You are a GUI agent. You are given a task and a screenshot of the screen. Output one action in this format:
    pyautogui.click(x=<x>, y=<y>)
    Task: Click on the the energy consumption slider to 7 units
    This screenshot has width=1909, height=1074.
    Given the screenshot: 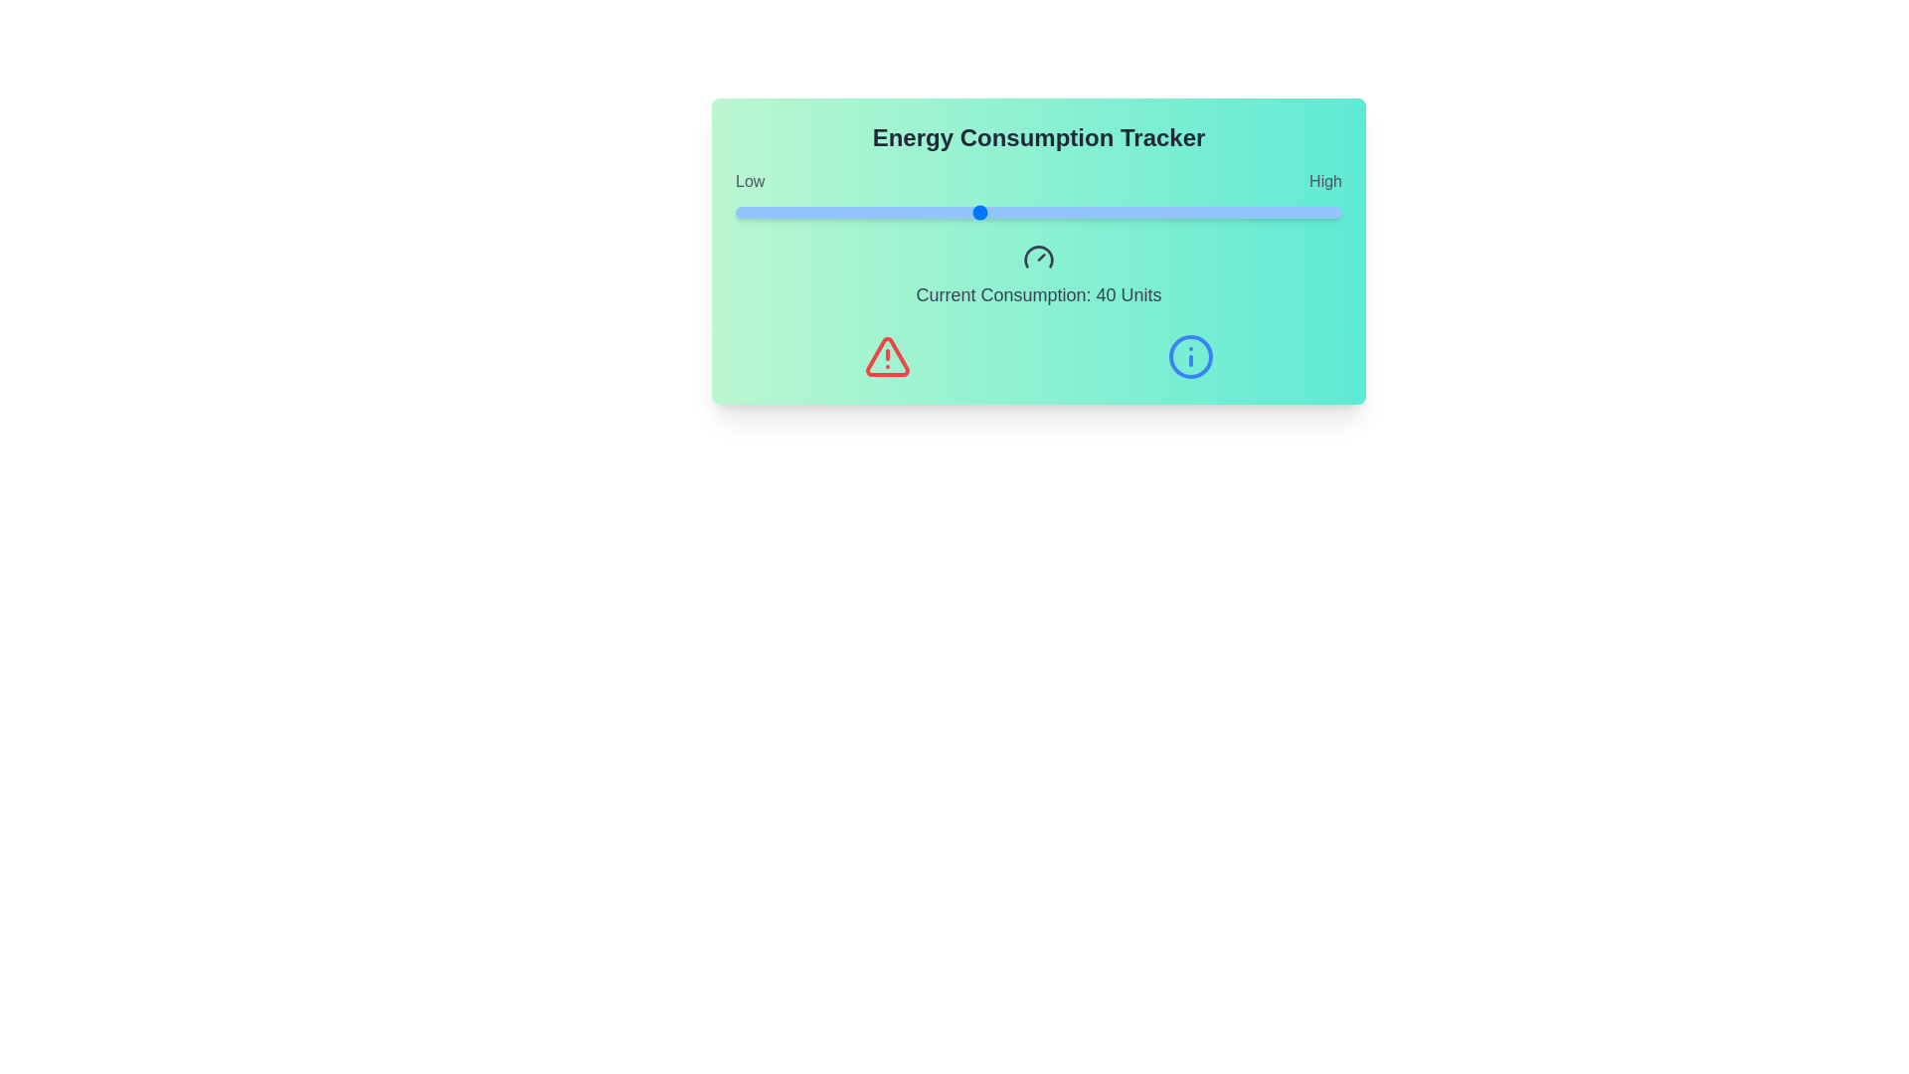 What is the action you would take?
    pyautogui.click(x=777, y=212)
    